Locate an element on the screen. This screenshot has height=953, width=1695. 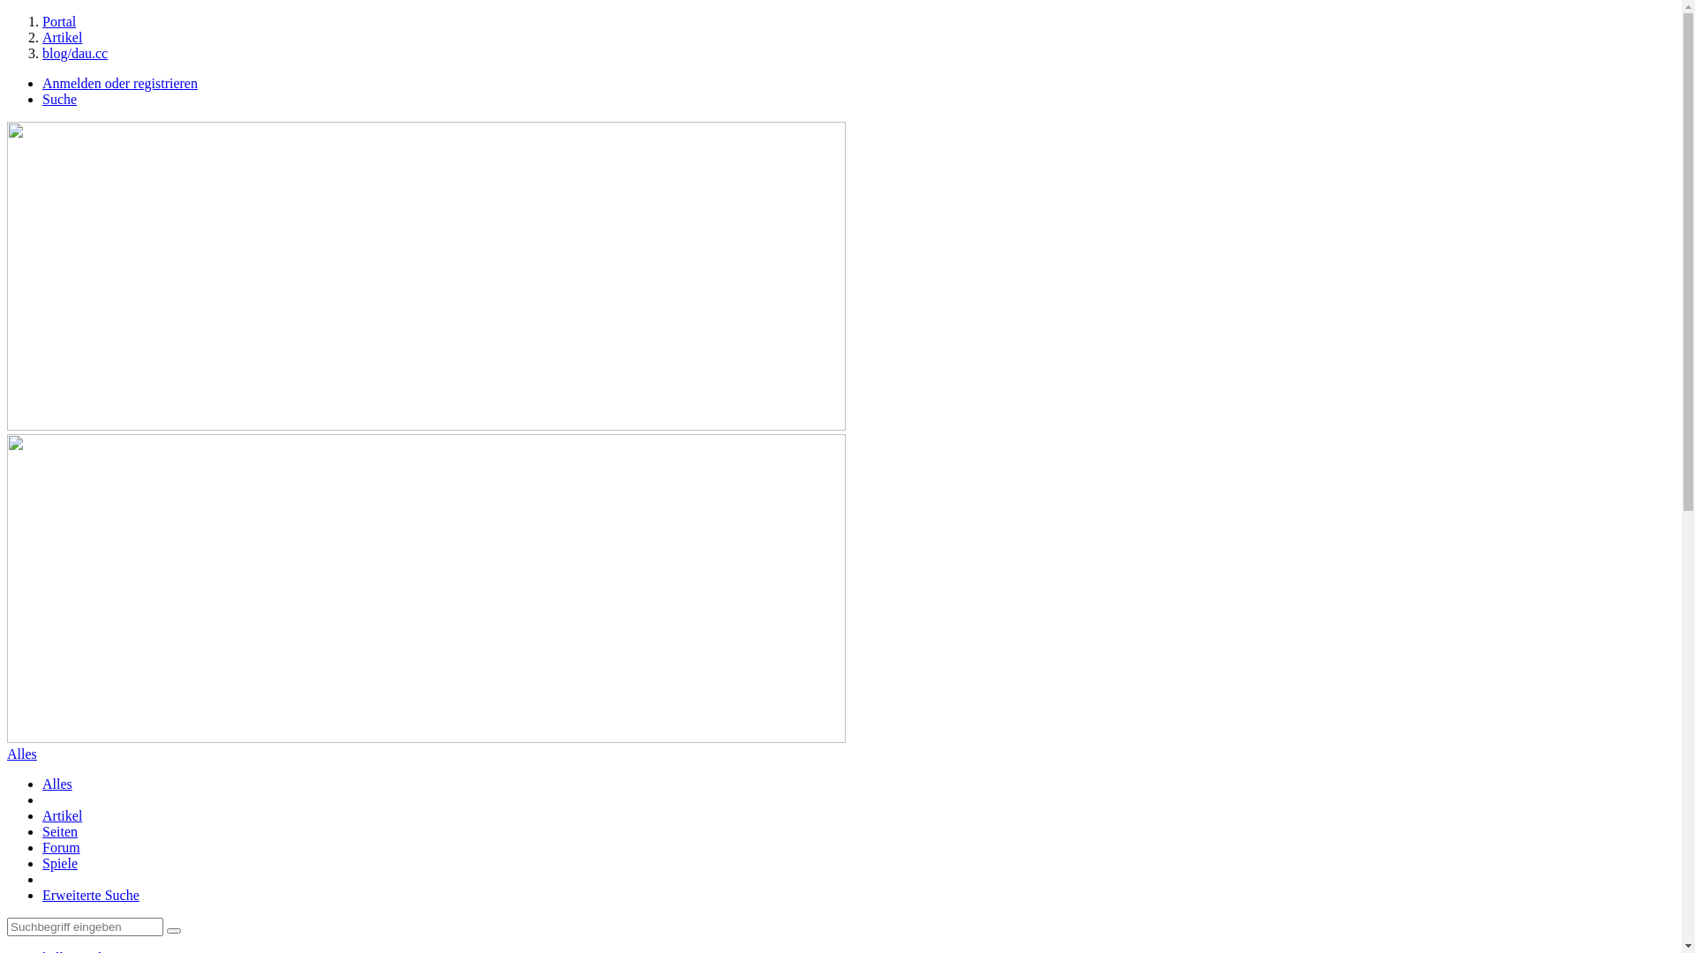
'Seiten' is located at coordinates (59, 831).